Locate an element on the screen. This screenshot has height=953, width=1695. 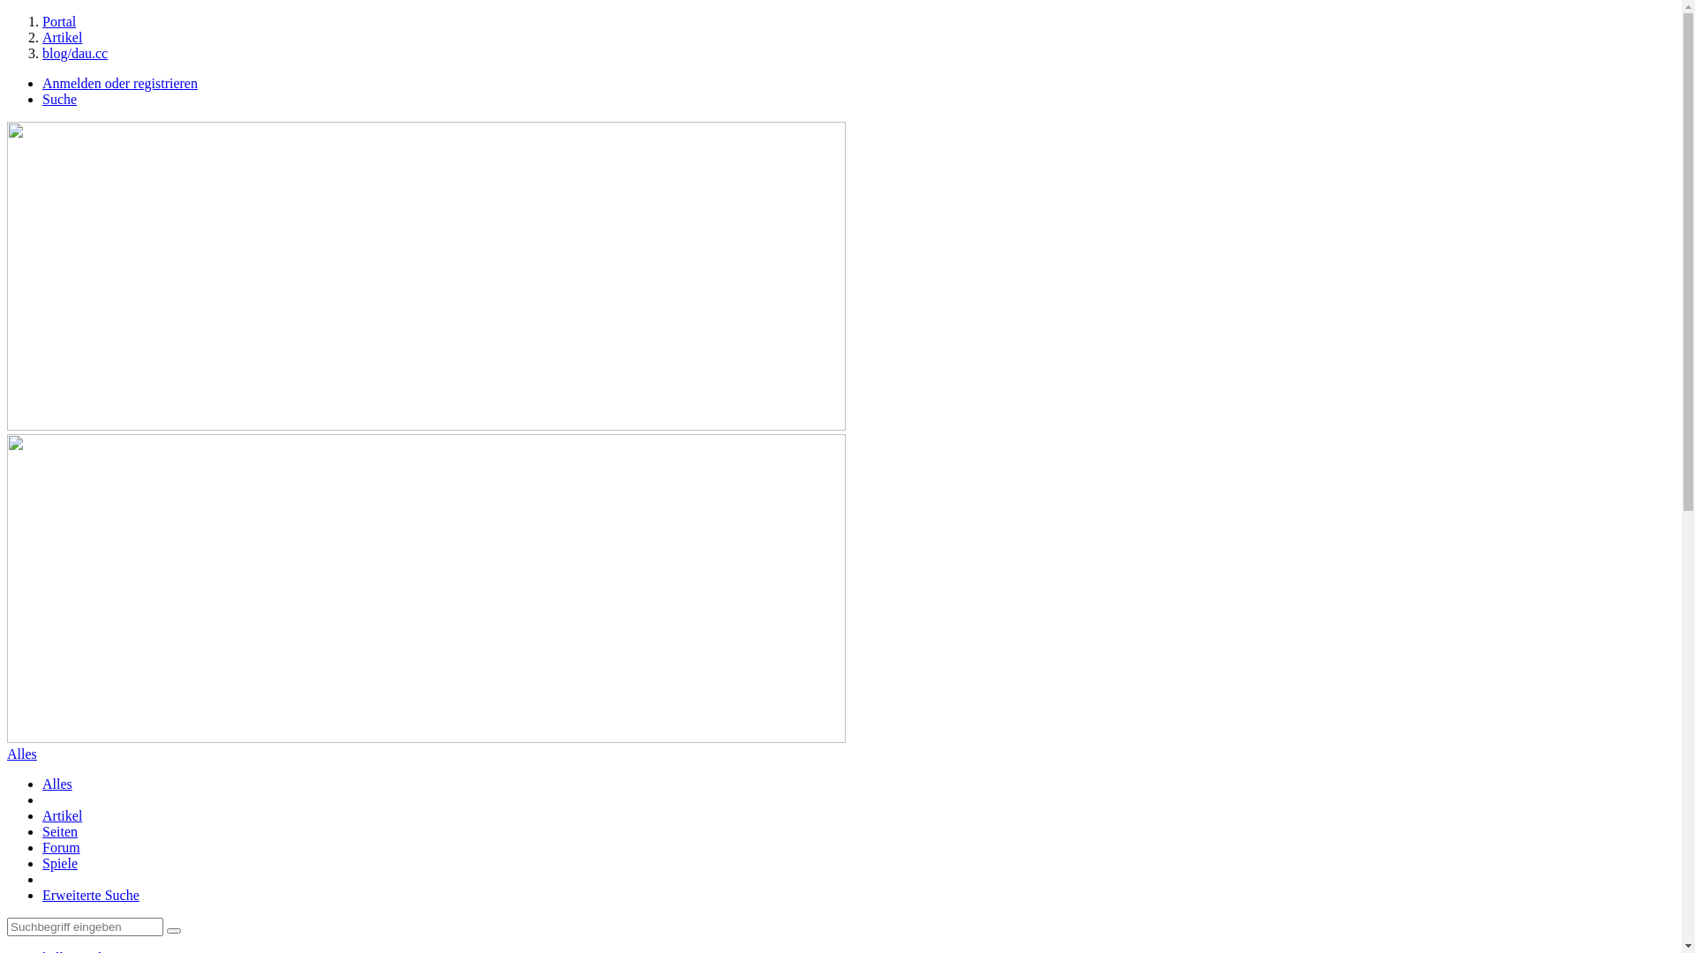
'Seiten' is located at coordinates (59, 831).